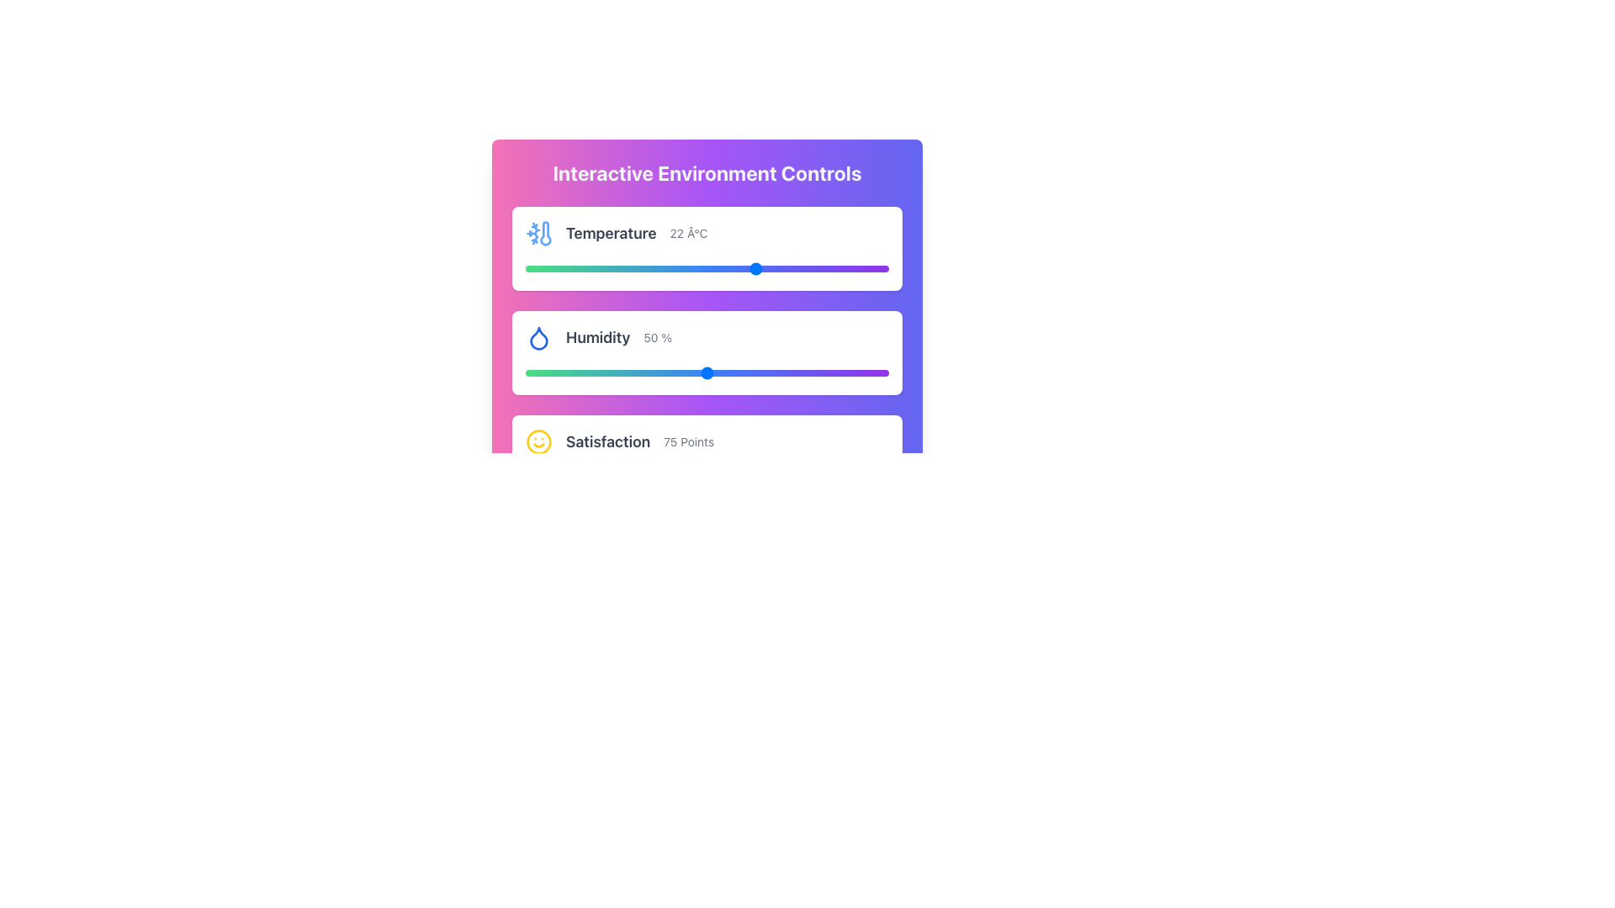  What do you see at coordinates (728, 268) in the screenshot?
I see `the slider` at bounding box center [728, 268].